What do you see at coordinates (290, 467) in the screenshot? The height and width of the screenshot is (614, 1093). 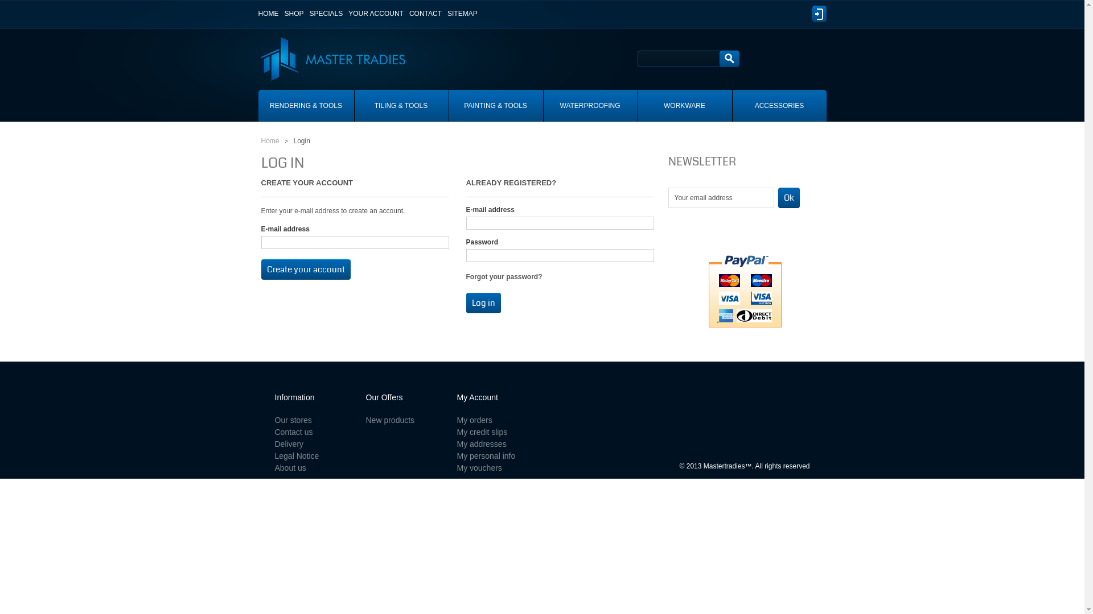 I see `'About us'` at bounding box center [290, 467].